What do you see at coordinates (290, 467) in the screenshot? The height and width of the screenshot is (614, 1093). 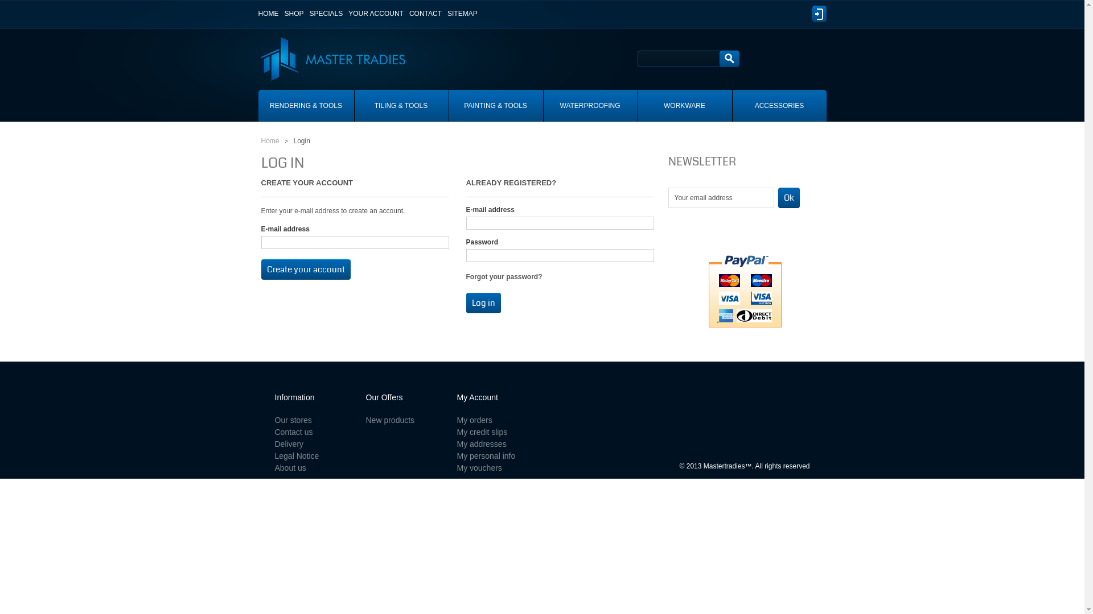 I see `'About us'` at bounding box center [290, 467].